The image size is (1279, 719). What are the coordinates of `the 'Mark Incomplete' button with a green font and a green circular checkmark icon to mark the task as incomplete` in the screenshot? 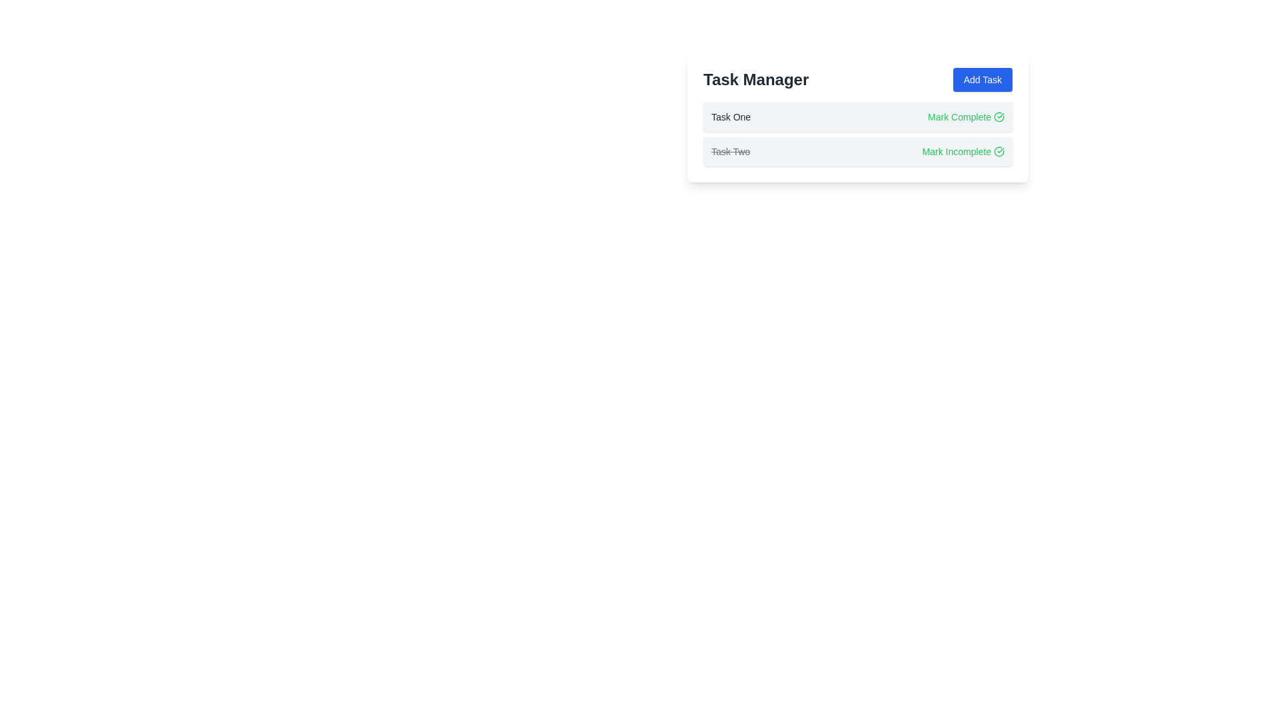 It's located at (963, 150).